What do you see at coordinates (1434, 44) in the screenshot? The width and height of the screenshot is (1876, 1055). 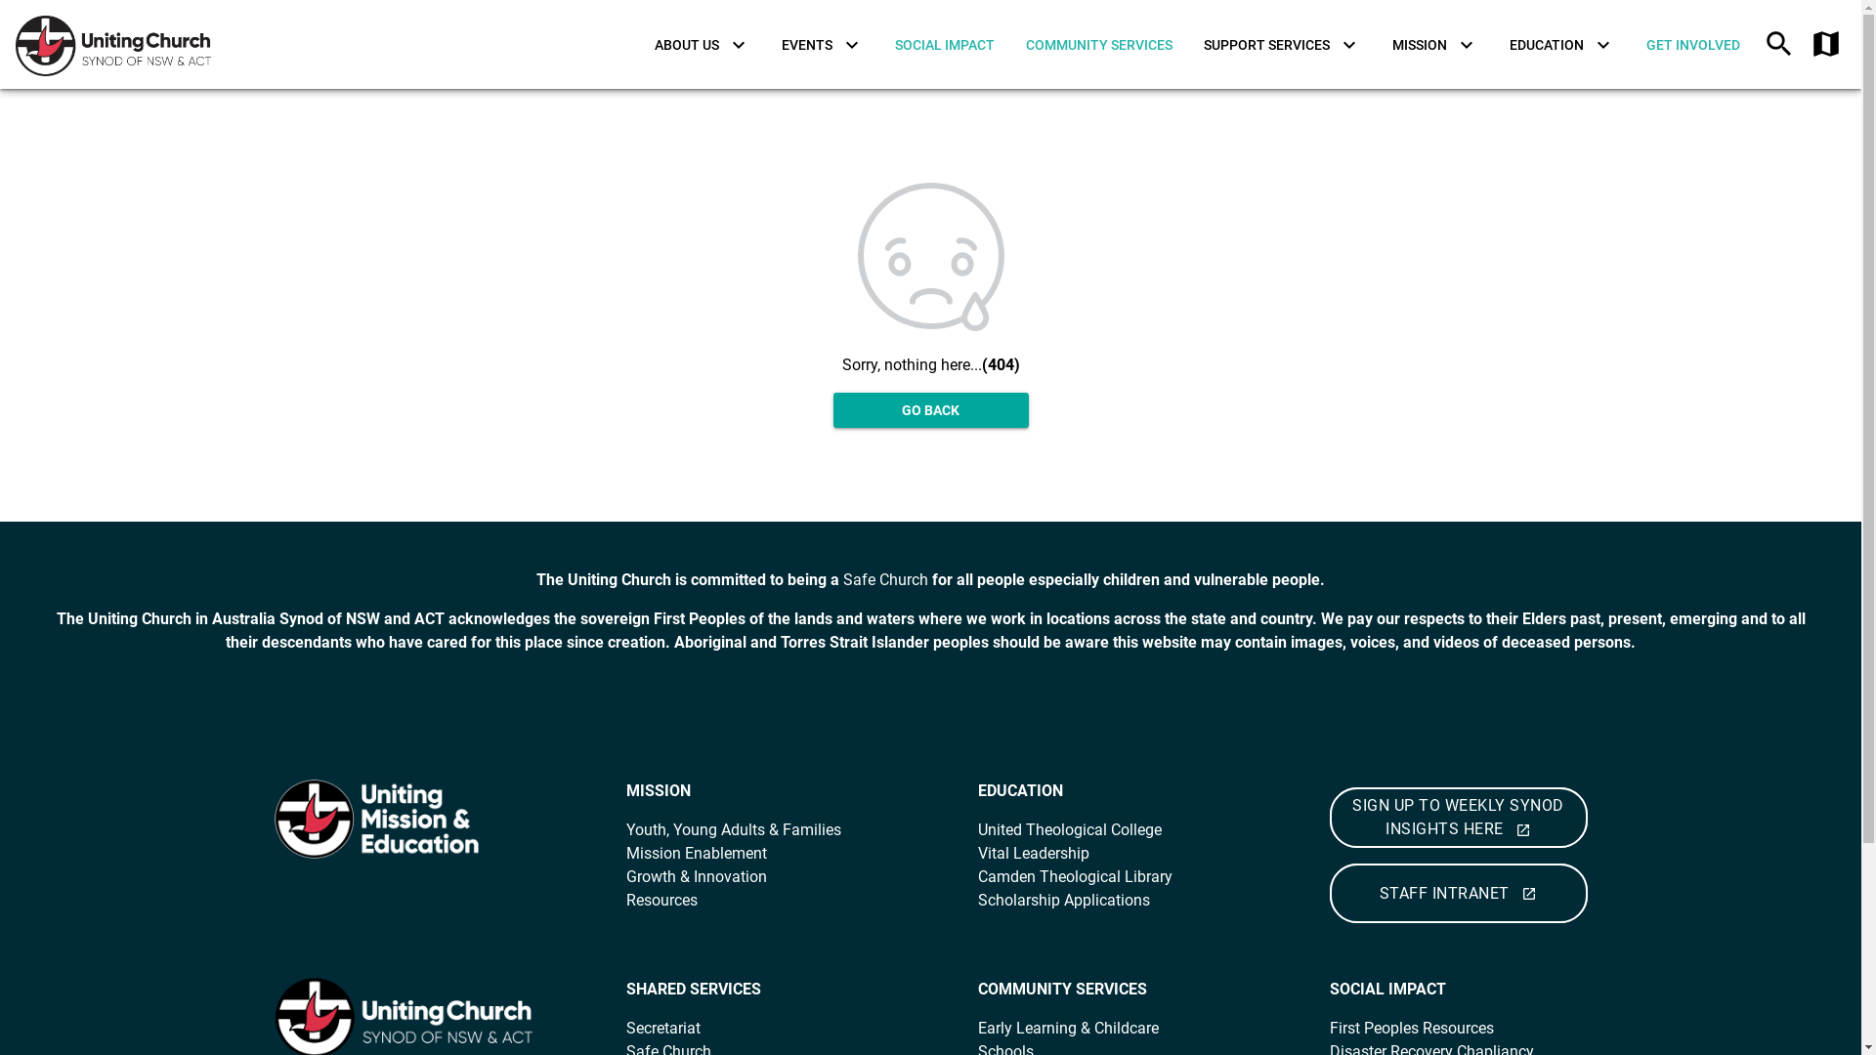 I see `'MISSION` at bounding box center [1434, 44].